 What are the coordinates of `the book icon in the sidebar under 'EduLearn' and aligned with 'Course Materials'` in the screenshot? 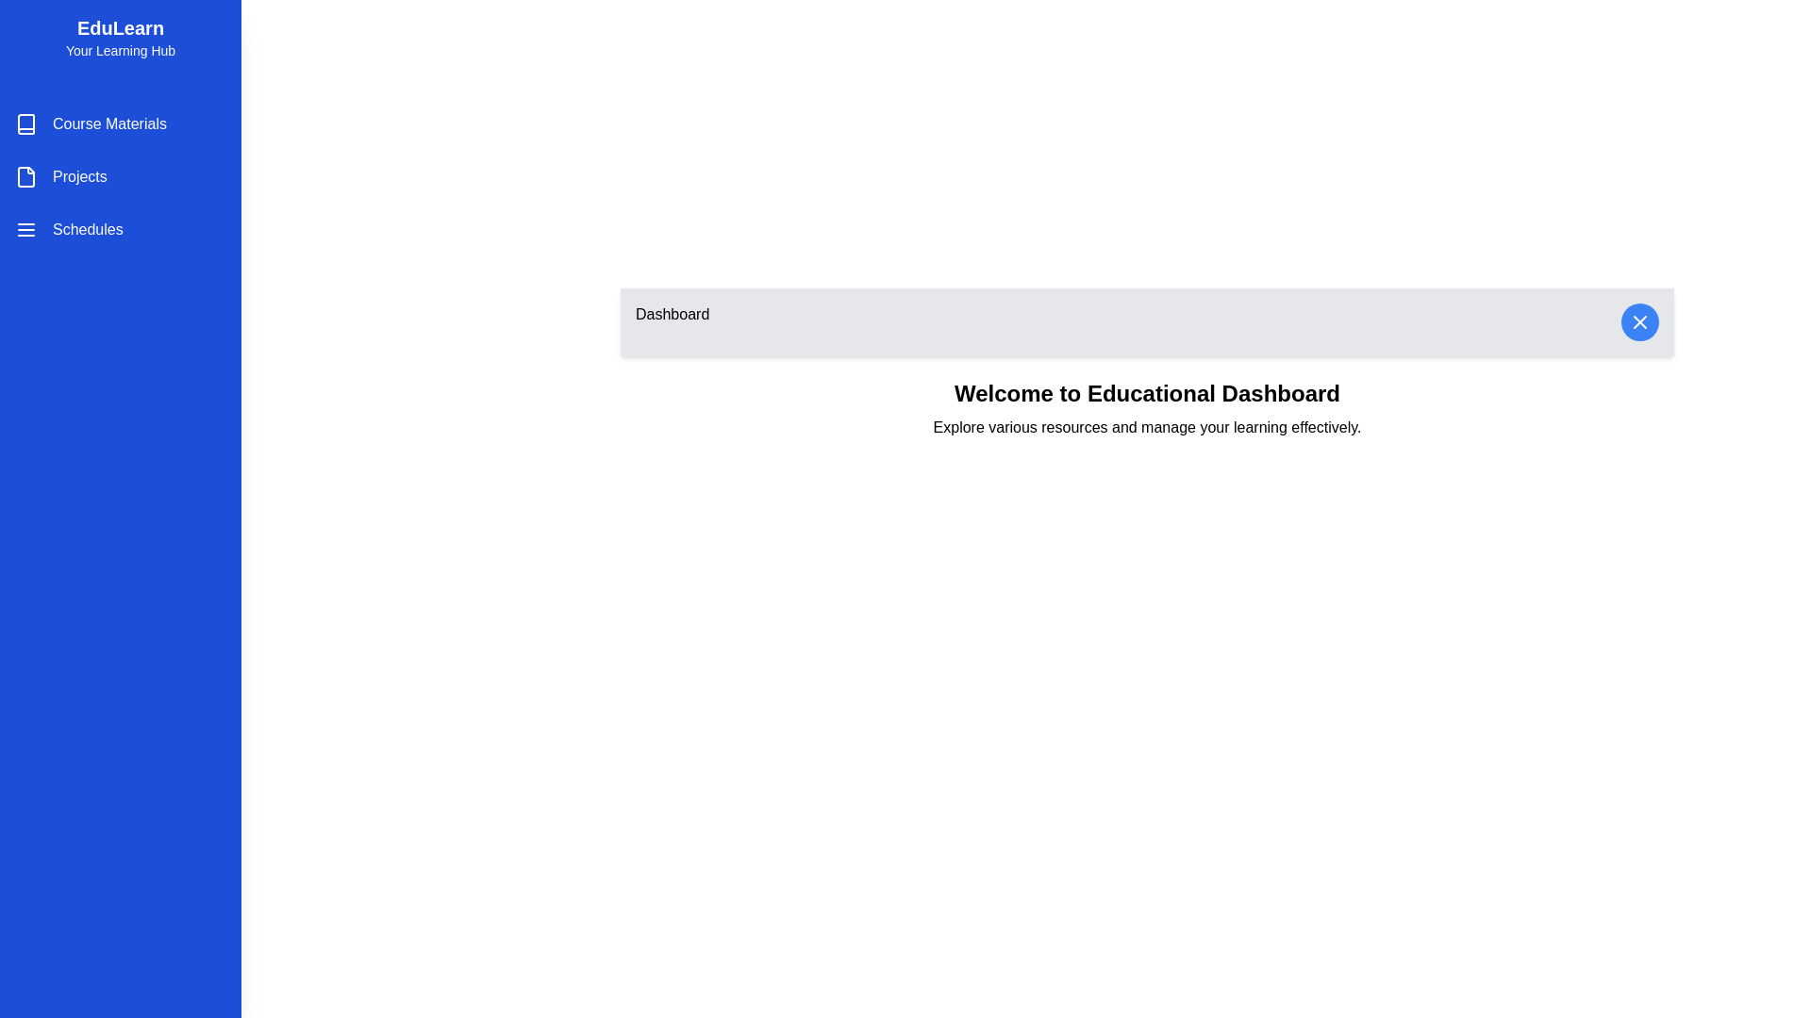 It's located at (26, 123).